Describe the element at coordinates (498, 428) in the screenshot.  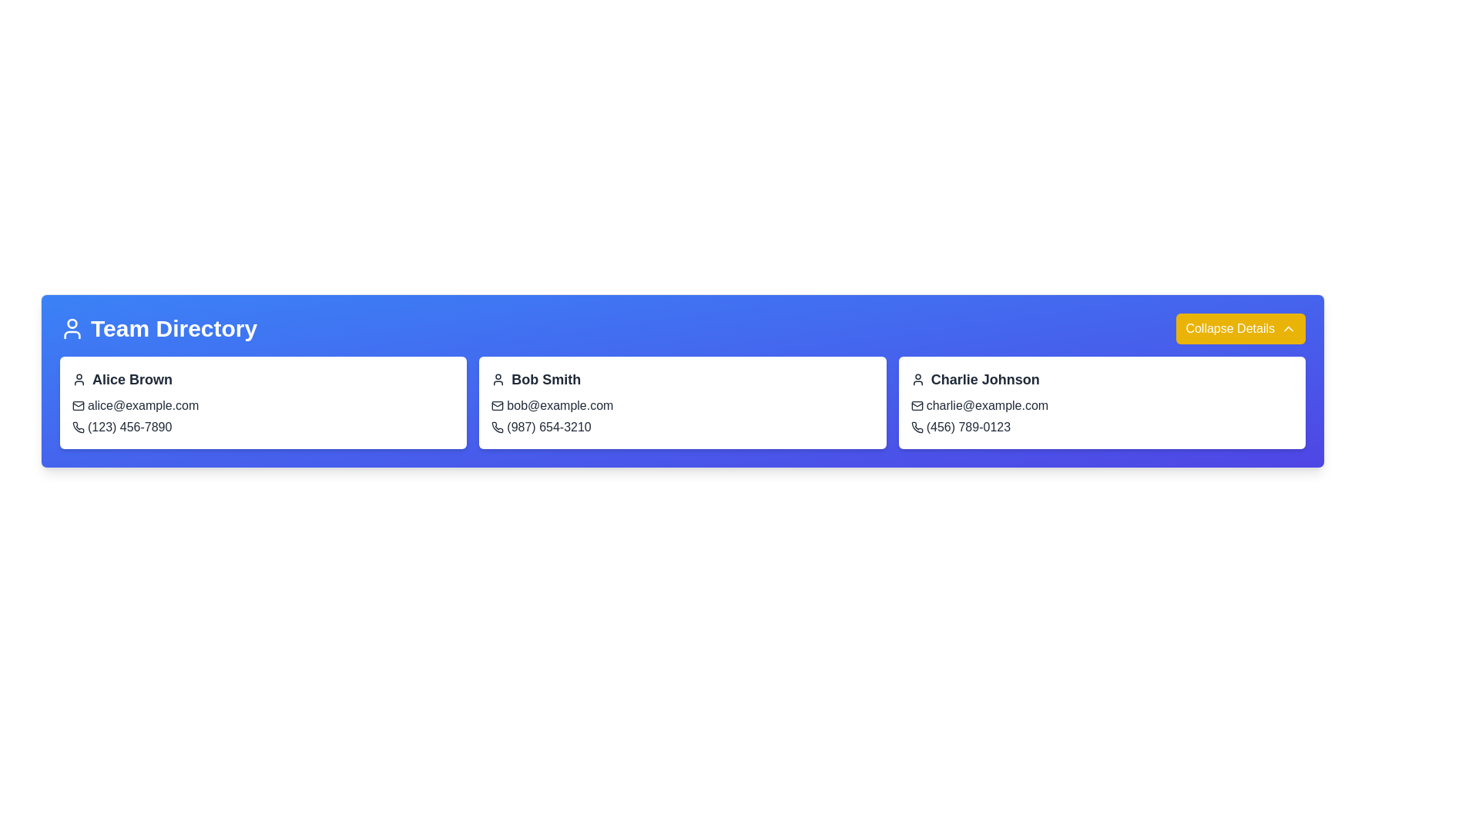
I see `the telephone handset icon located in the contact card of 'Bob Smith' to the left of the phone number '(987) 654-3210'` at that location.